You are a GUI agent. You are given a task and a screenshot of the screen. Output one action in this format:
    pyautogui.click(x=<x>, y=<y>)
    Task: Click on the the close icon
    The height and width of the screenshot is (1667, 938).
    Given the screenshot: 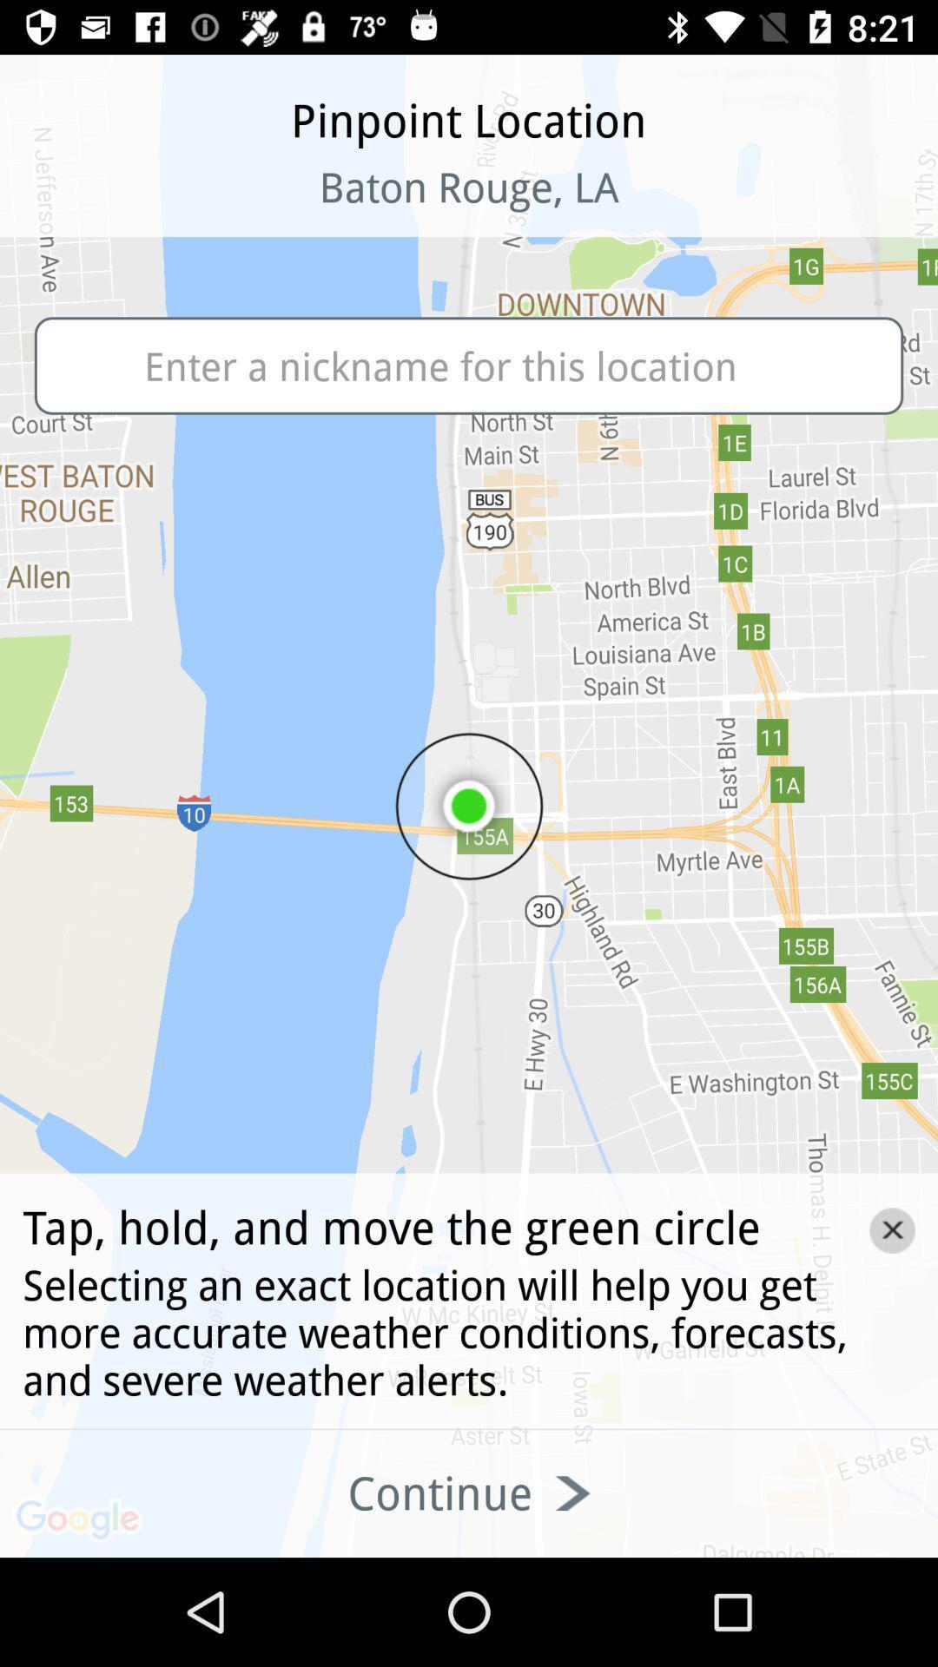 What is the action you would take?
    pyautogui.click(x=892, y=1229)
    